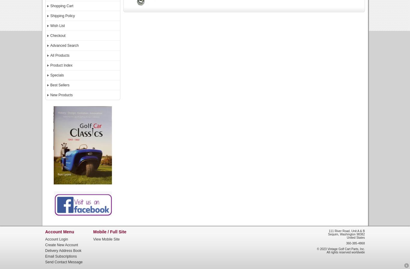 This screenshot has height=269, width=410. Describe the element at coordinates (50, 25) in the screenshot. I see `'Wish List'` at that location.